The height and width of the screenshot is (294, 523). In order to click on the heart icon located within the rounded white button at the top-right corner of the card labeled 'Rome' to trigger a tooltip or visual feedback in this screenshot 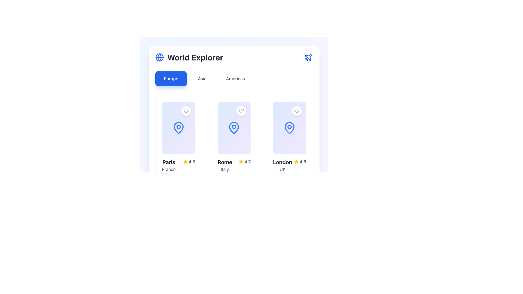, I will do `click(241, 111)`.